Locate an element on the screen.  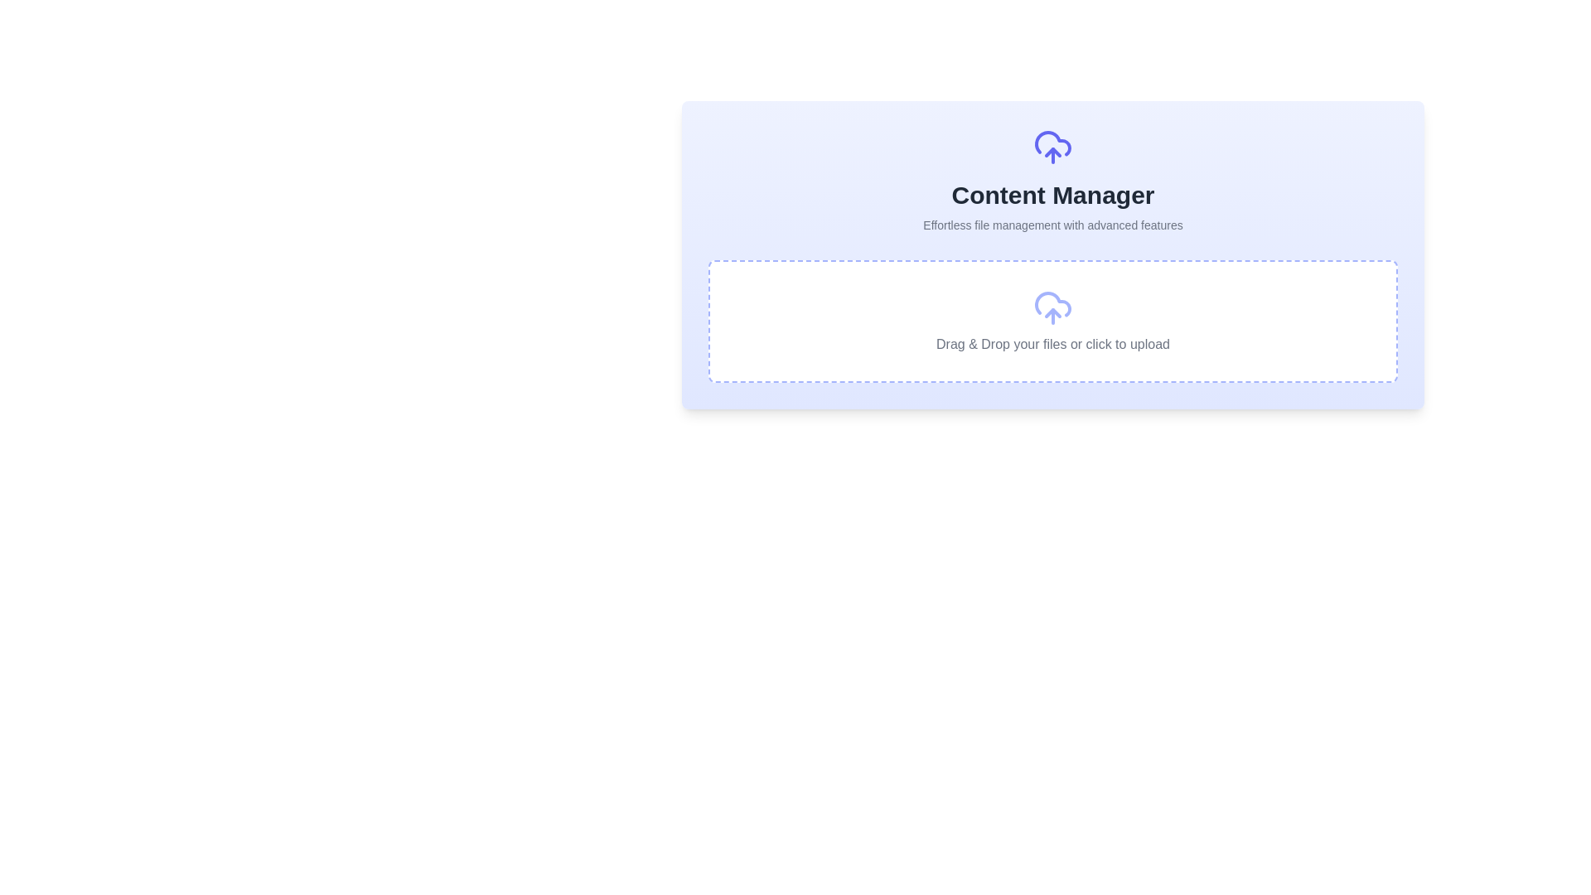
files onto the file upload area, which is centrally located below the 'Content Manager' section and is identified by its dashed border and white background is located at coordinates (1052, 322).